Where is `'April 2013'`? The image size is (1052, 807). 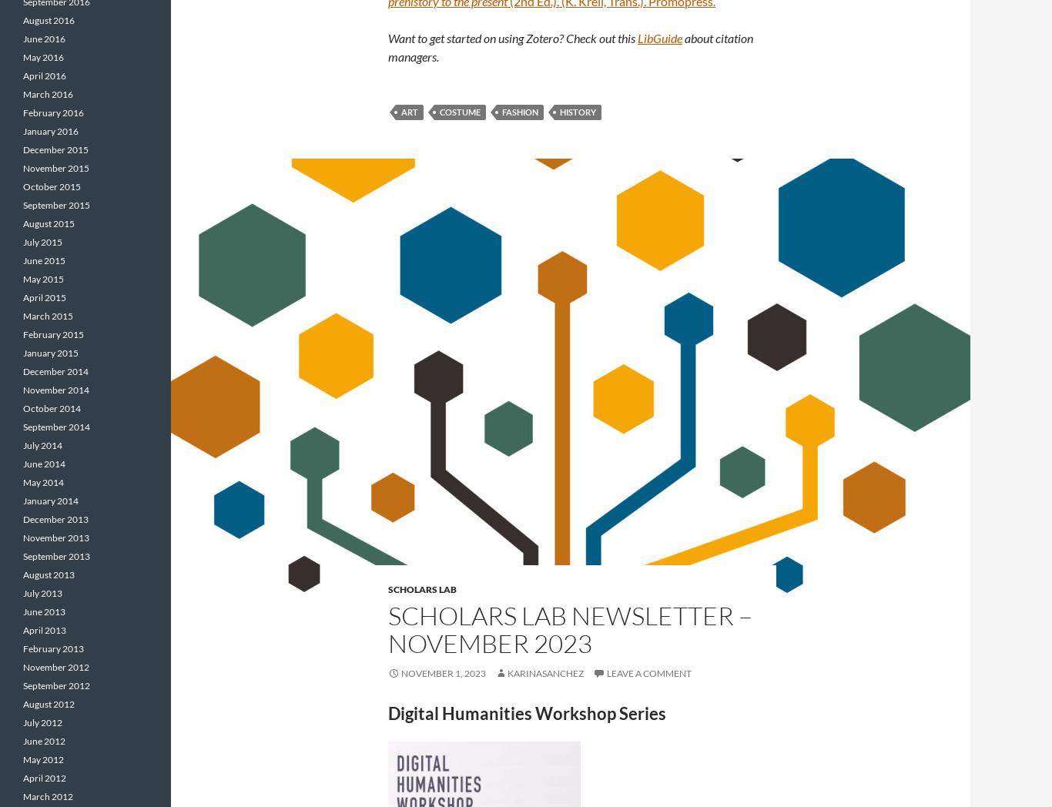
'April 2013' is located at coordinates (45, 629).